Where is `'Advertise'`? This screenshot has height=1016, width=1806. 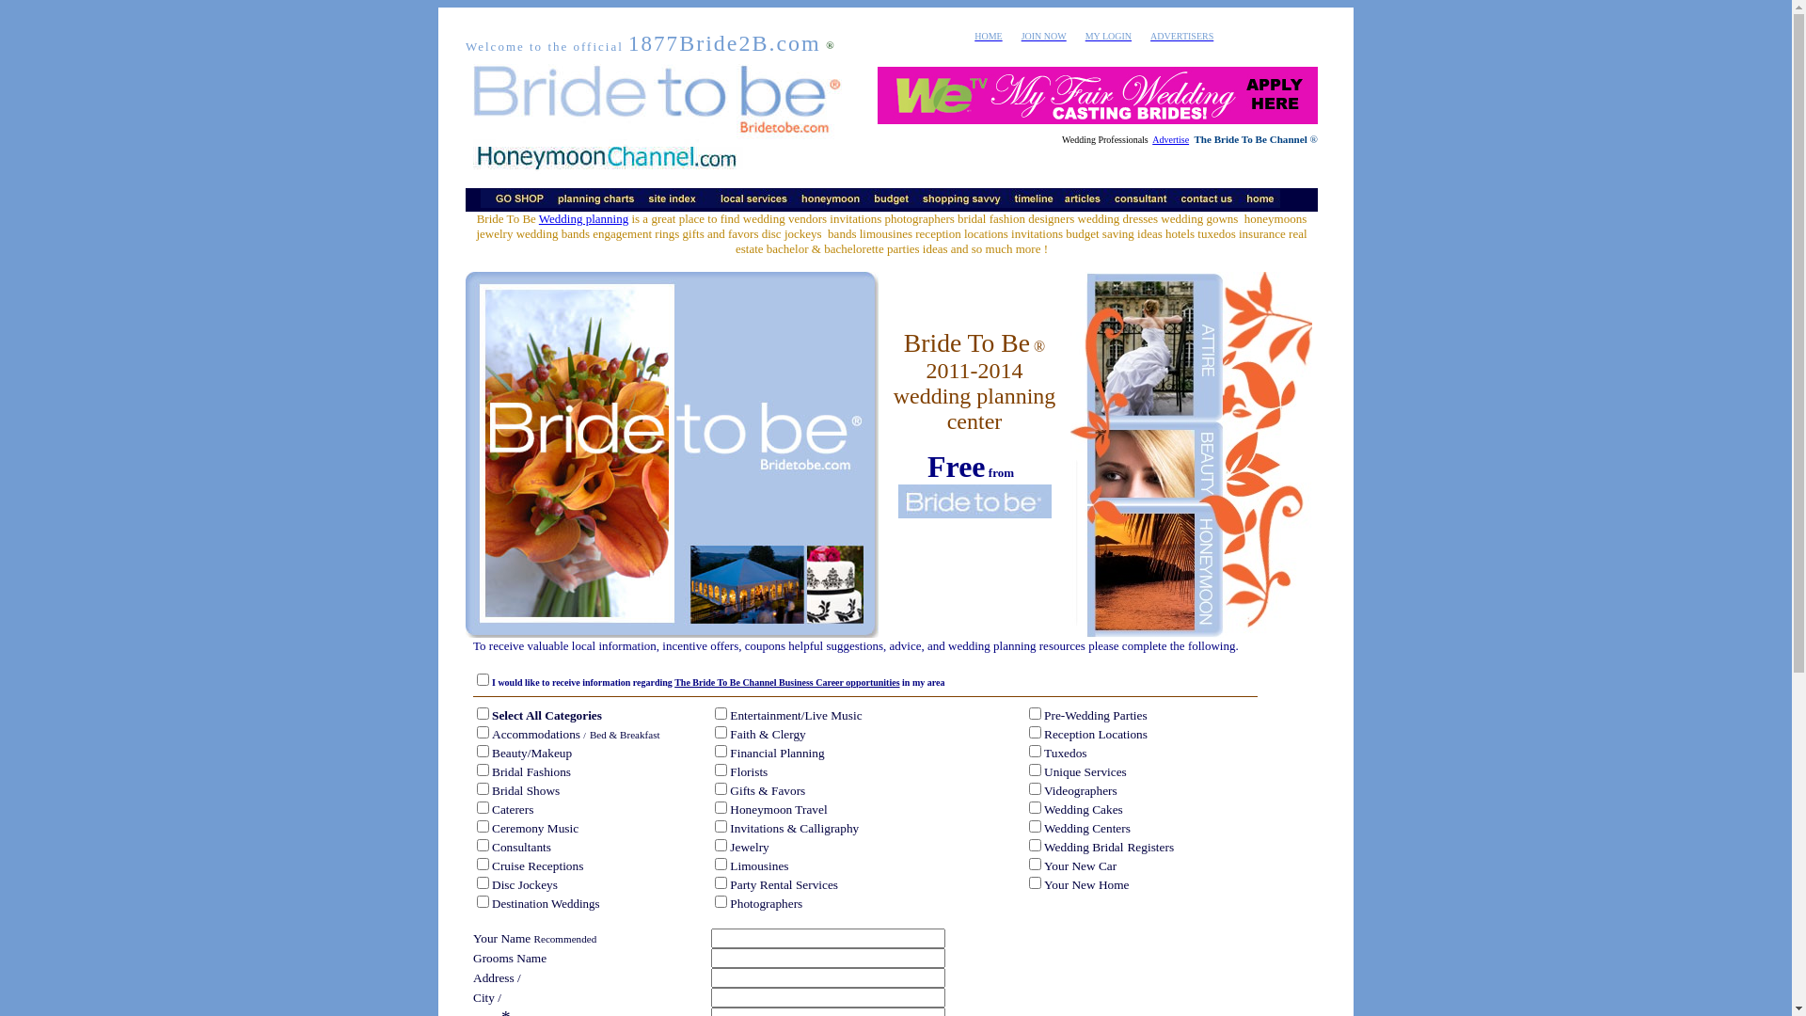
'Advertise' is located at coordinates (1169, 138).